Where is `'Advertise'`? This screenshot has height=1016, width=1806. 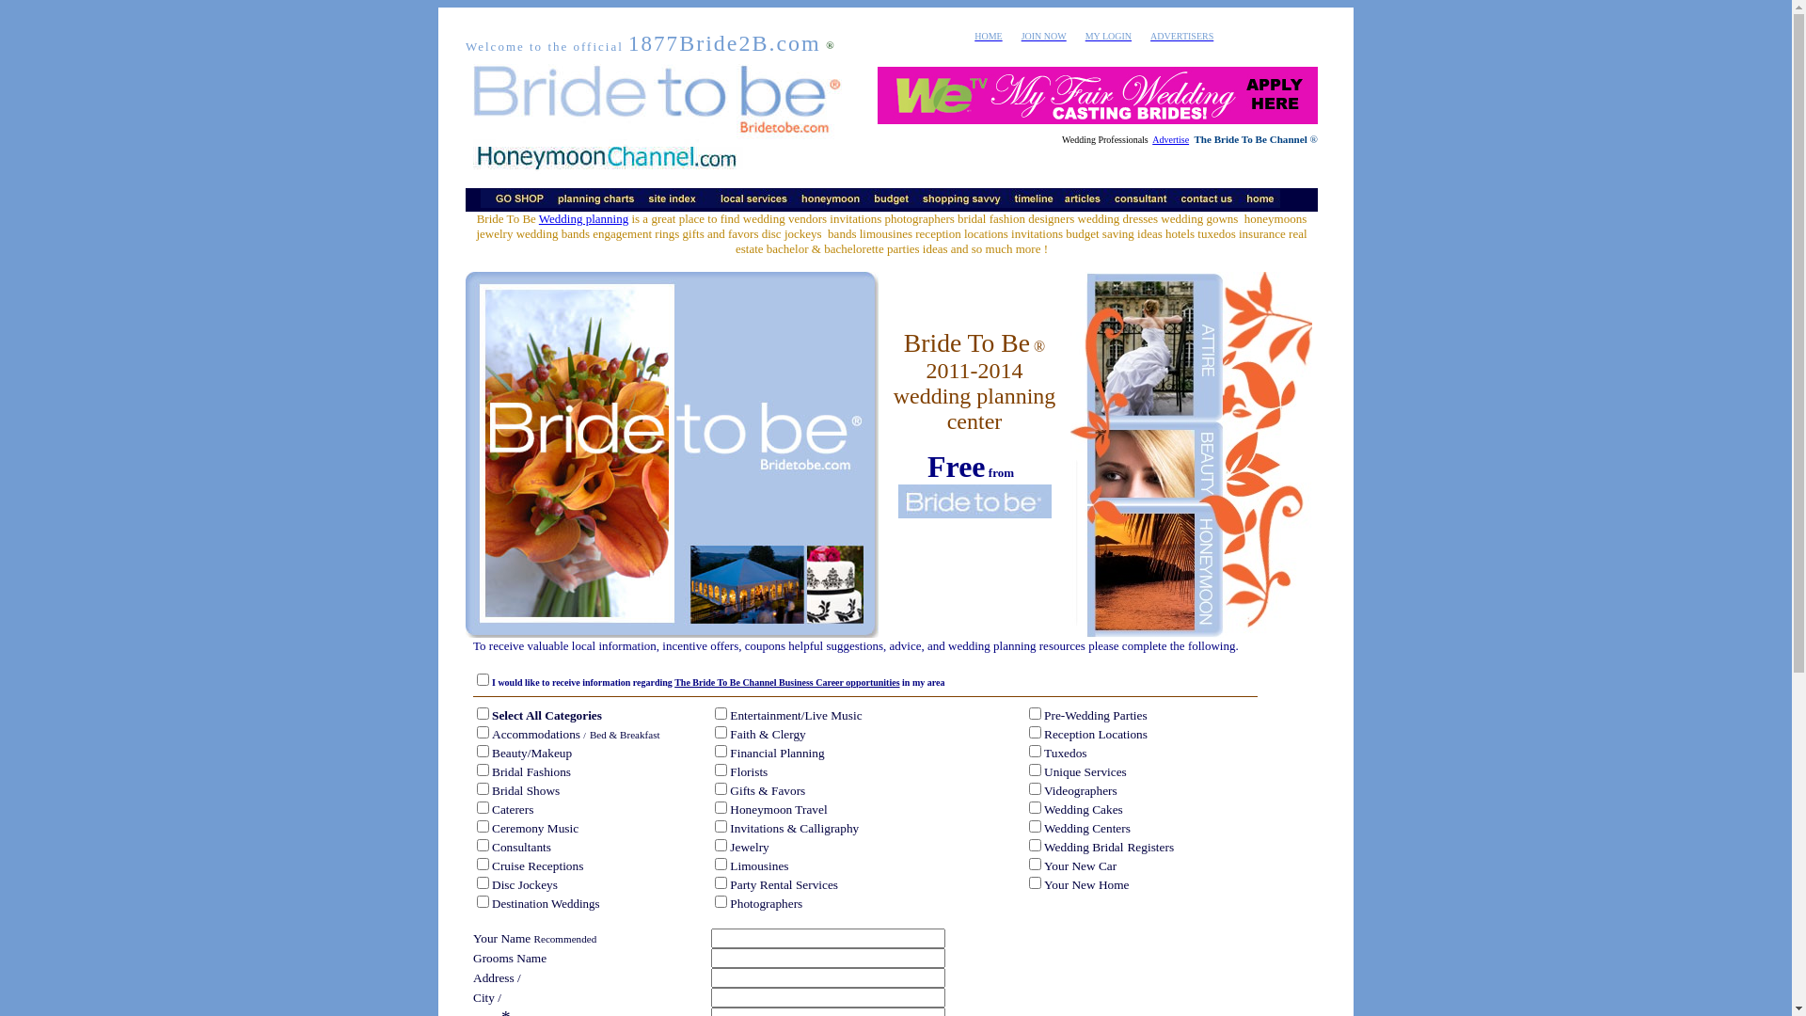
'Advertise' is located at coordinates (1169, 138).